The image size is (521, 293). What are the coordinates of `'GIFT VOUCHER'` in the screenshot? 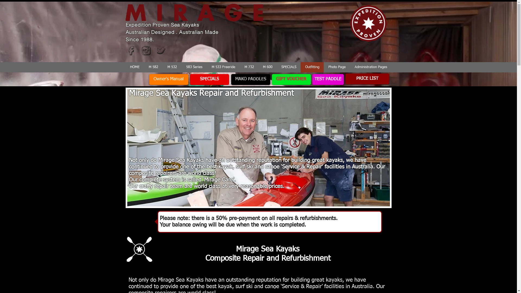 It's located at (291, 79).